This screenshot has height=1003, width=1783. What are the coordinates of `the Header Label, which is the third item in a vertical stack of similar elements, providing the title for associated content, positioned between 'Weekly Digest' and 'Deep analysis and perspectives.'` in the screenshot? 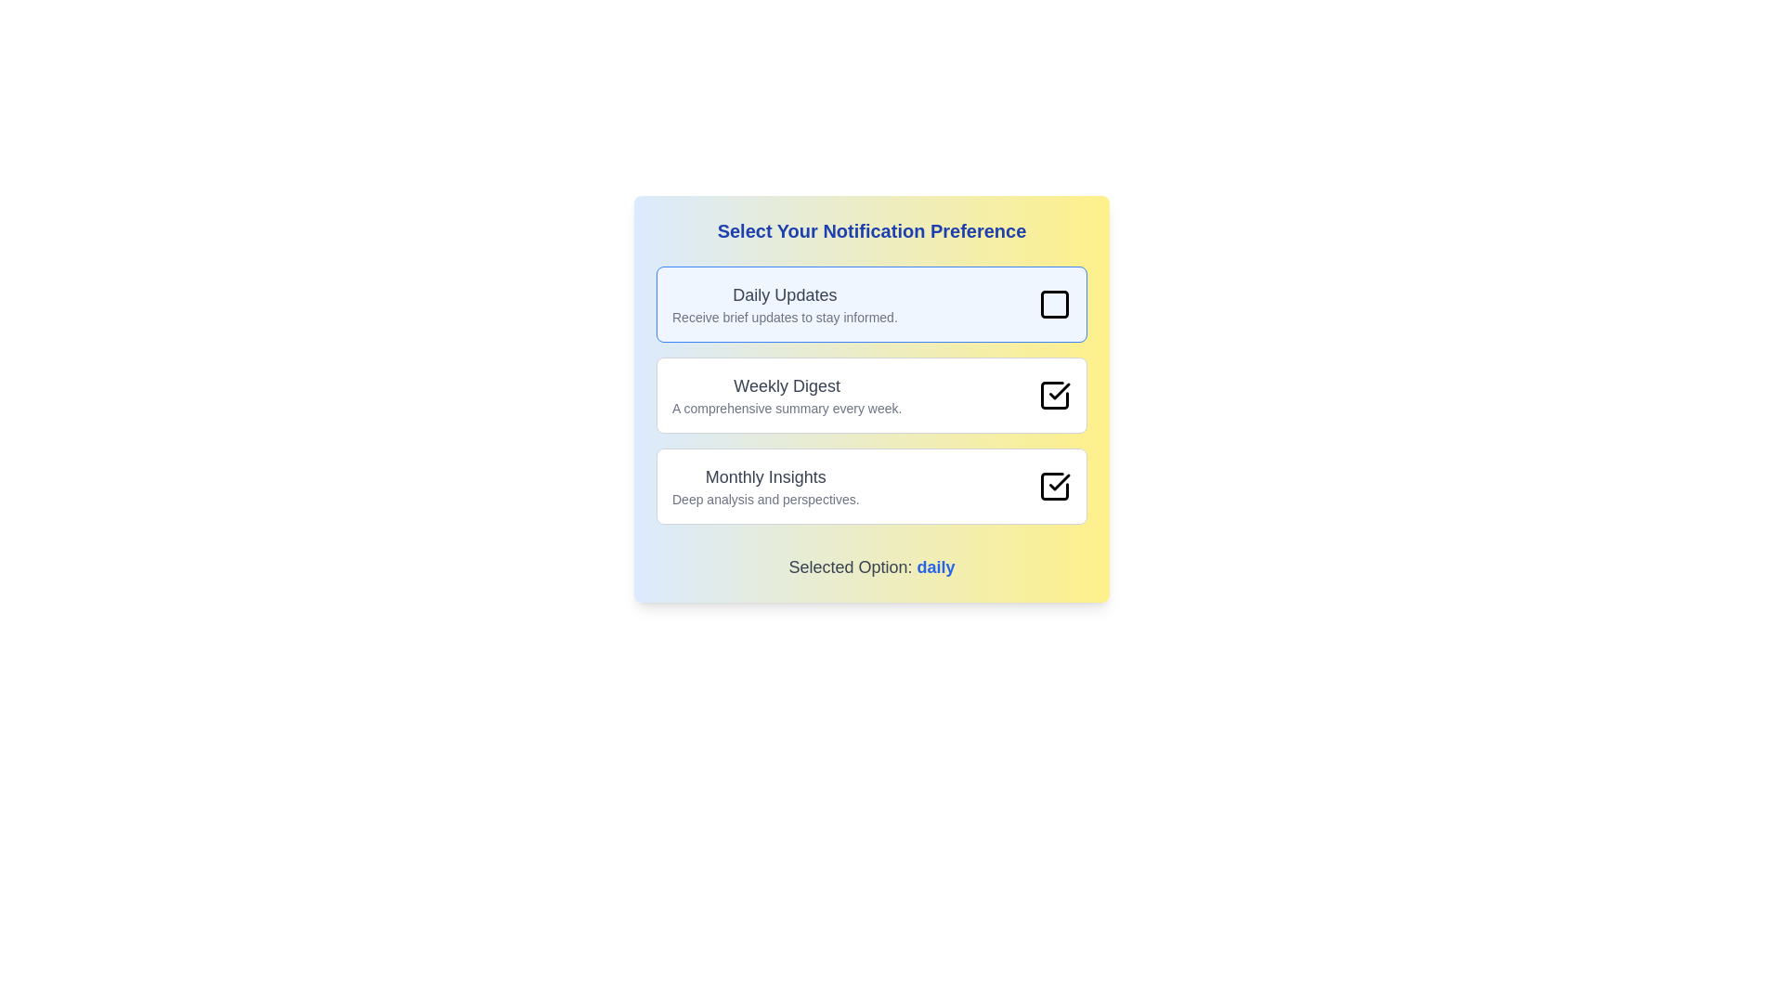 It's located at (765, 475).